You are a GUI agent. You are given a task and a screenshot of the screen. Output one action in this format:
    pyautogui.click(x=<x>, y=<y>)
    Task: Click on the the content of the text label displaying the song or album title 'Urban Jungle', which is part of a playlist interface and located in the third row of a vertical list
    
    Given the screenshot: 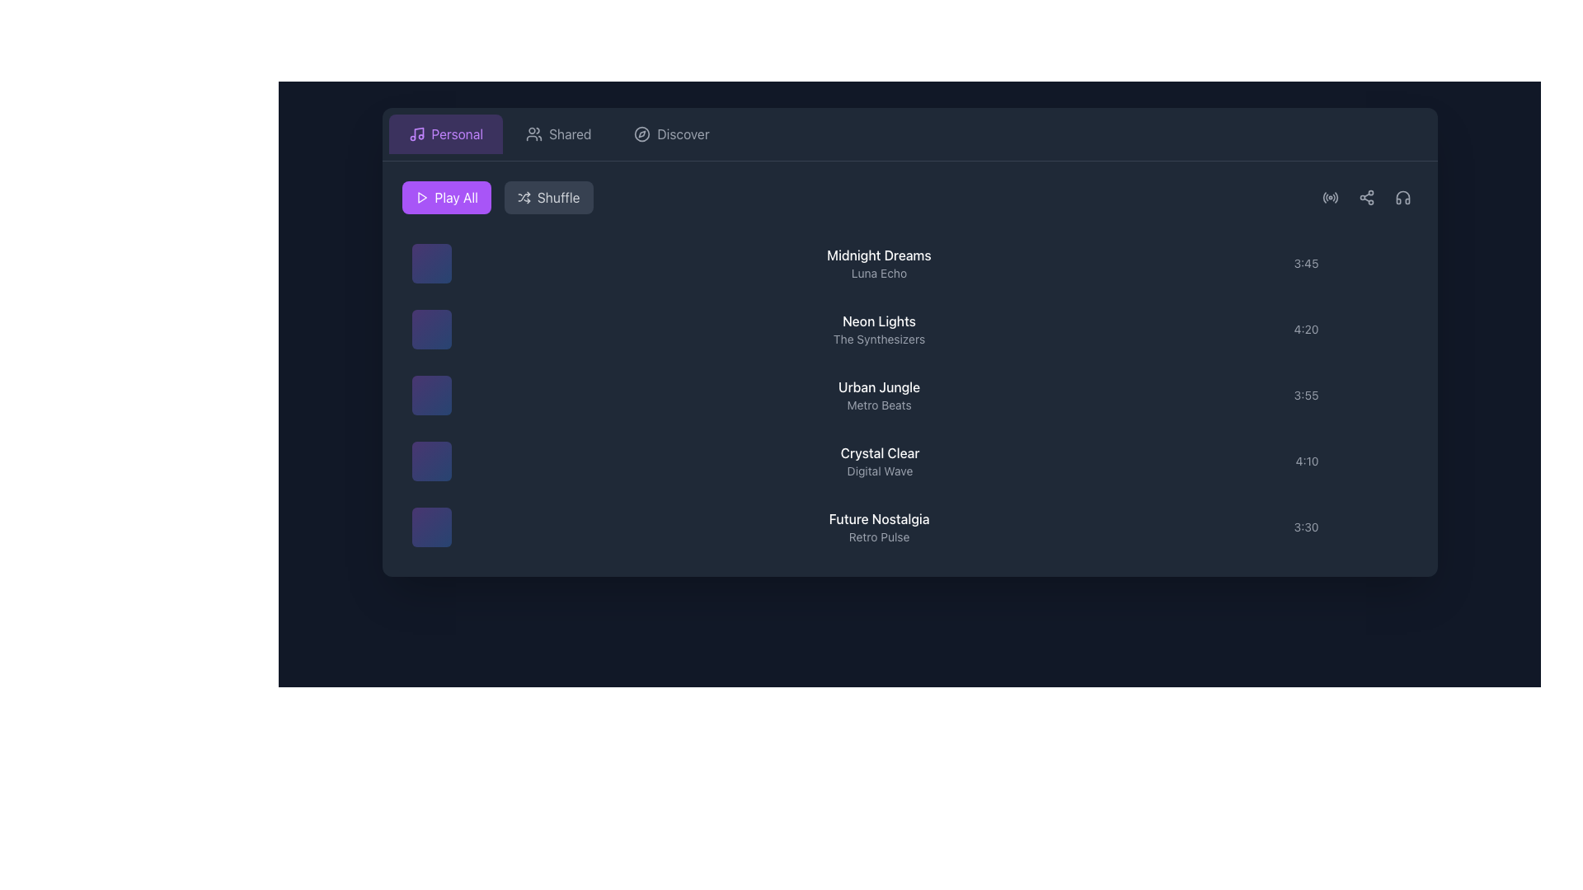 What is the action you would take?
    pyautogui.click(x=878, y=387)
    